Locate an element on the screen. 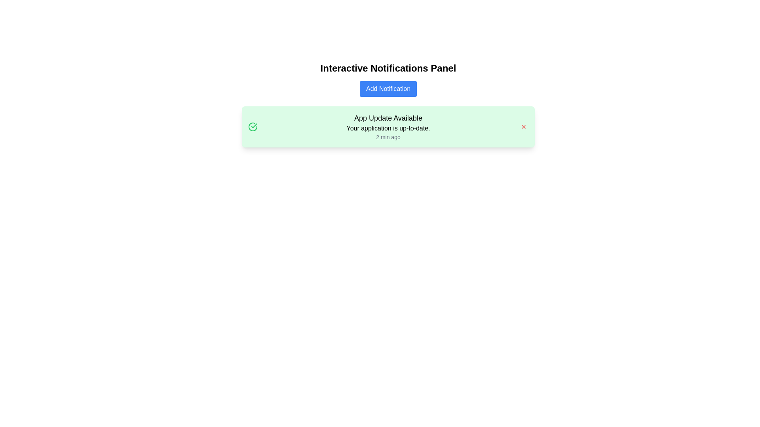  the circular decorative graphic element with a green stroke, located on the left side of the notification card in the interface is located at coordinates (252, 126).